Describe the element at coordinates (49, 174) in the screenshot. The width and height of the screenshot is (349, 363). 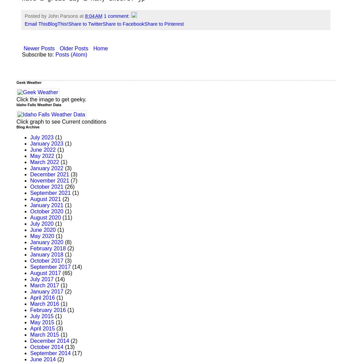
I see `'December 2021'` at that location.